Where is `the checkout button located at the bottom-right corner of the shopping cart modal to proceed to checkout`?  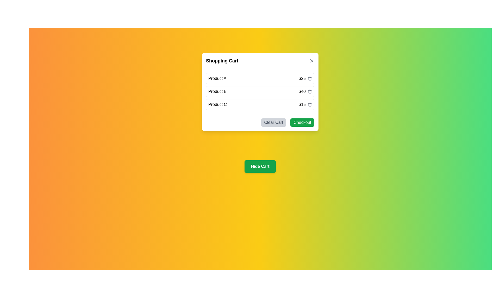 the checkout button located at the bottom-right corner of the shopping cart modal to proceed to checkout is located at coordinates (302, 122).